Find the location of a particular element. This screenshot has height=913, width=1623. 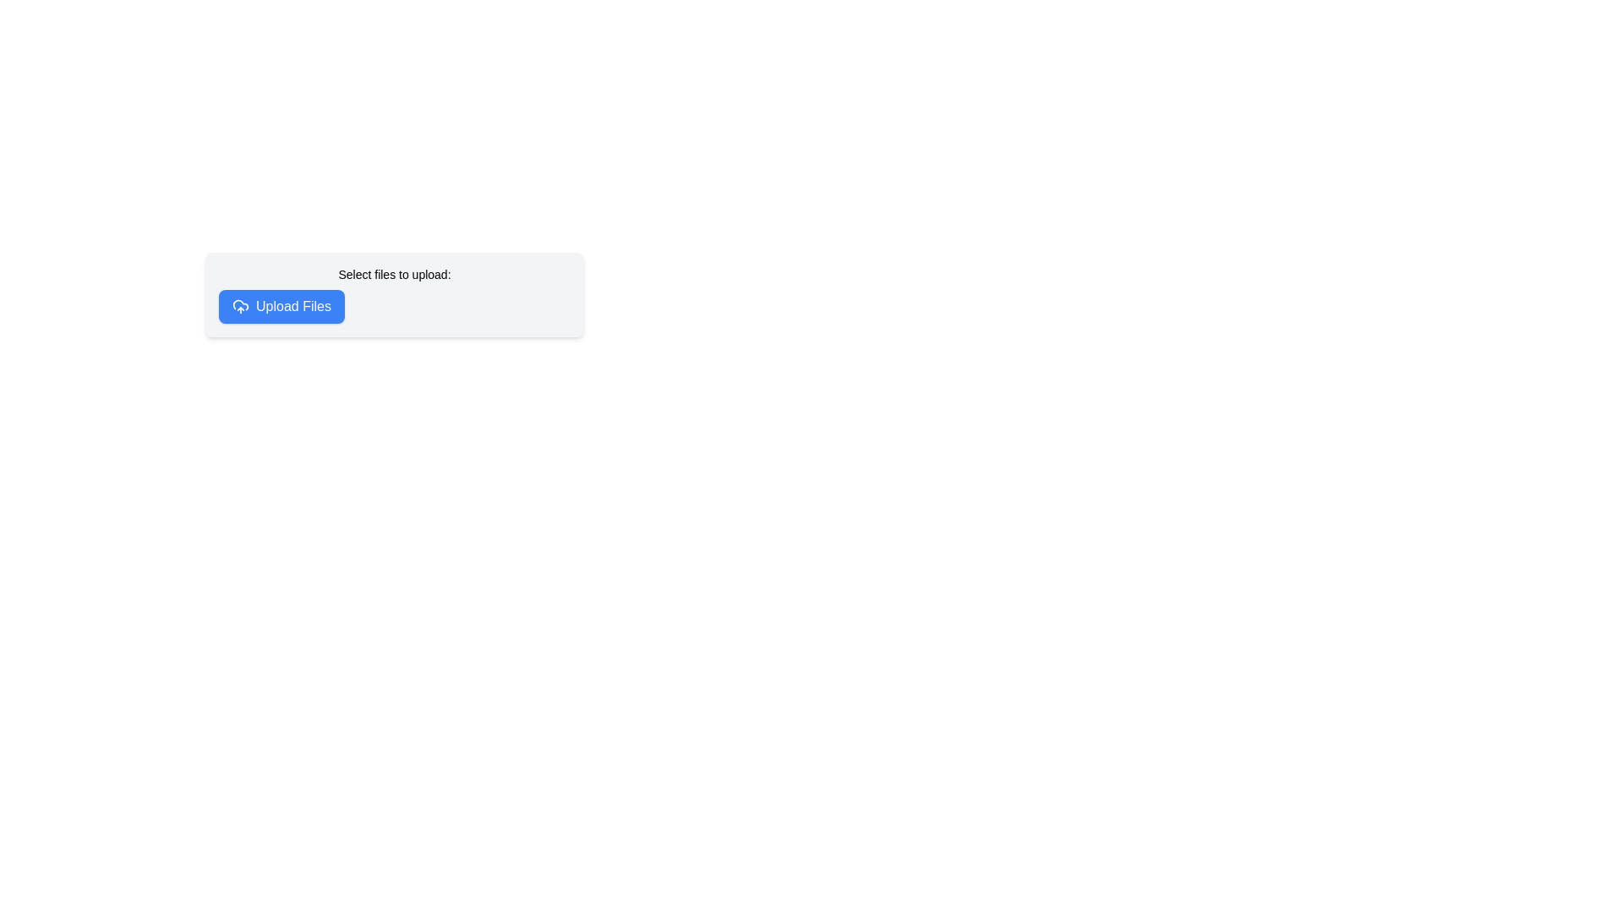

the label that reads 'Select files to upload:', which is displayed in bold and smaller font size, located directly above the 'Upload Files' button is located at coordinates (393, 273).